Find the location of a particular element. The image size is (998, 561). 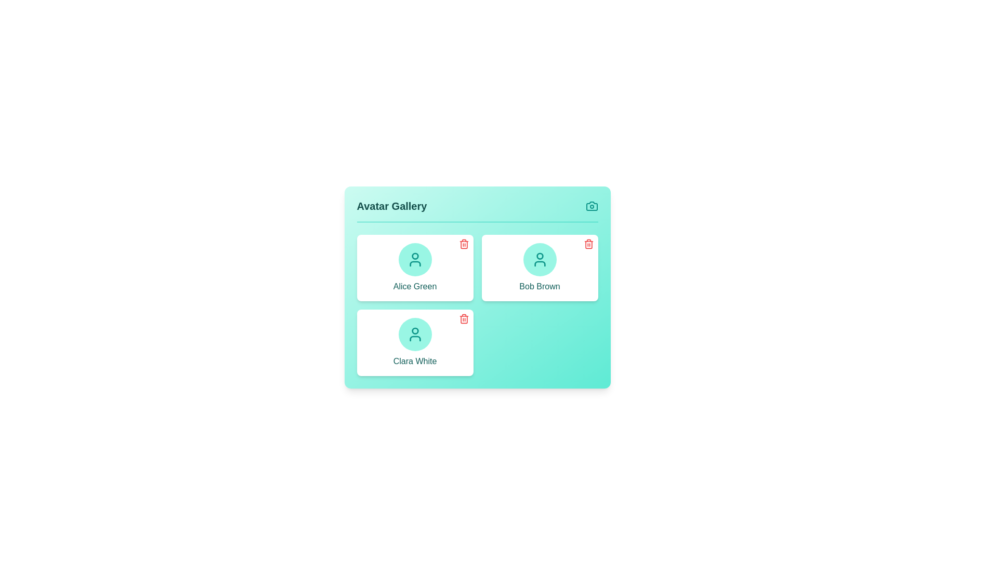

the circular teal-colored user icon located in the bottom-left card labeled 'Clara White' within the 2x2 grid layout is located at coordinates (414, 335).